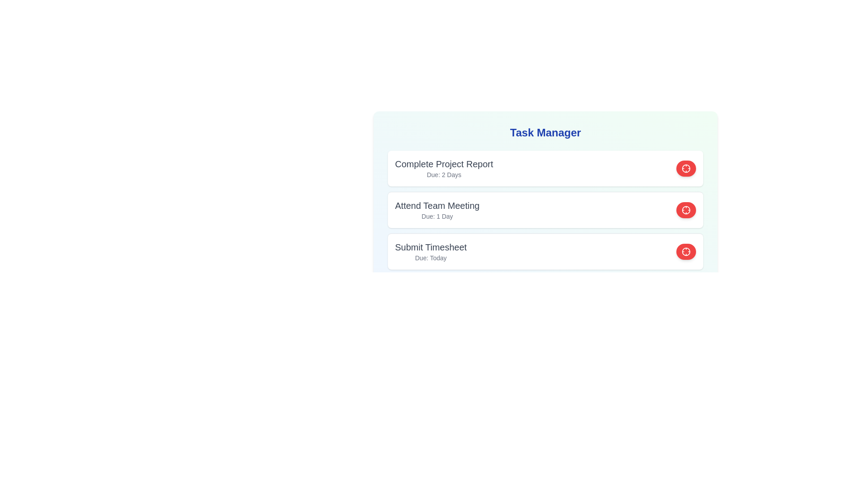  What do you see at coordinates (437, 216) in the screenshot?
I see `the non-interactive Text label displaying the remaining time for the 'Attend Team Meeting' task, located beneath its title` at bounding box center [437, 216].